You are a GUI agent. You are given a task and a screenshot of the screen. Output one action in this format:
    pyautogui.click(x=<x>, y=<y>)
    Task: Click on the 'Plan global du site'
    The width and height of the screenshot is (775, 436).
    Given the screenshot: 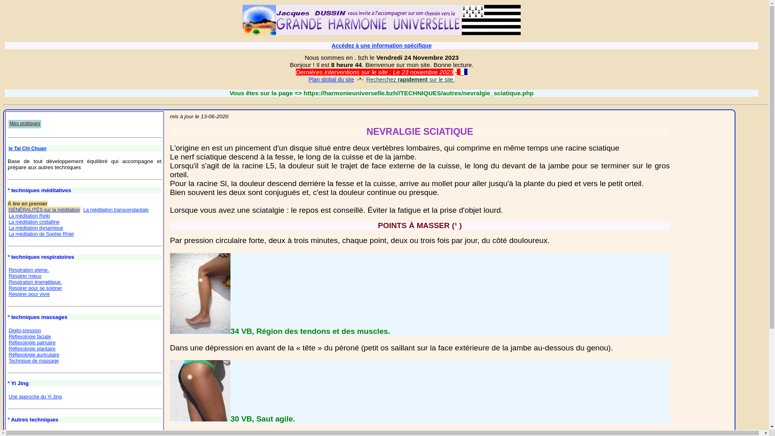 What is the action you would take?
    pyautogui.click(x=308, y=79)
    